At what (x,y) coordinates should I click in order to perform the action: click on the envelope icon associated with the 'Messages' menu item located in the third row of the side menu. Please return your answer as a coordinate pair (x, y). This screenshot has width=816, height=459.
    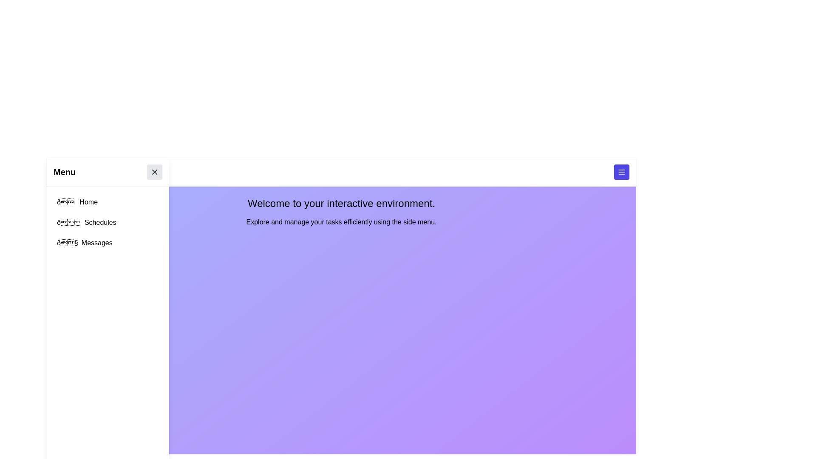
    Looking at the image, I should click on (67, 243).